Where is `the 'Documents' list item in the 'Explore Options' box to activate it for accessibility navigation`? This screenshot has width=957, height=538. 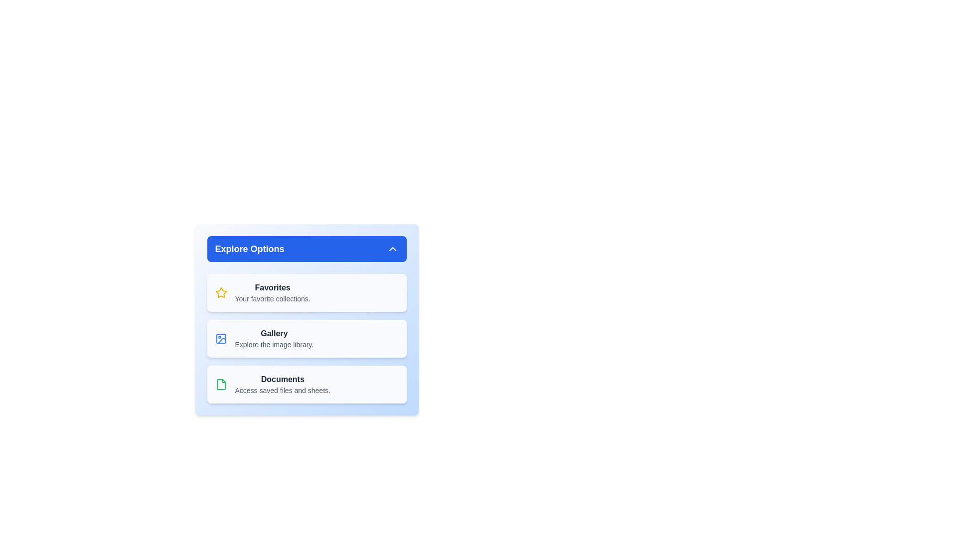
the 'Documents' list item in the 'Explore Options' box to activate it for accessibility navigation is located at coordinates (282, 384).